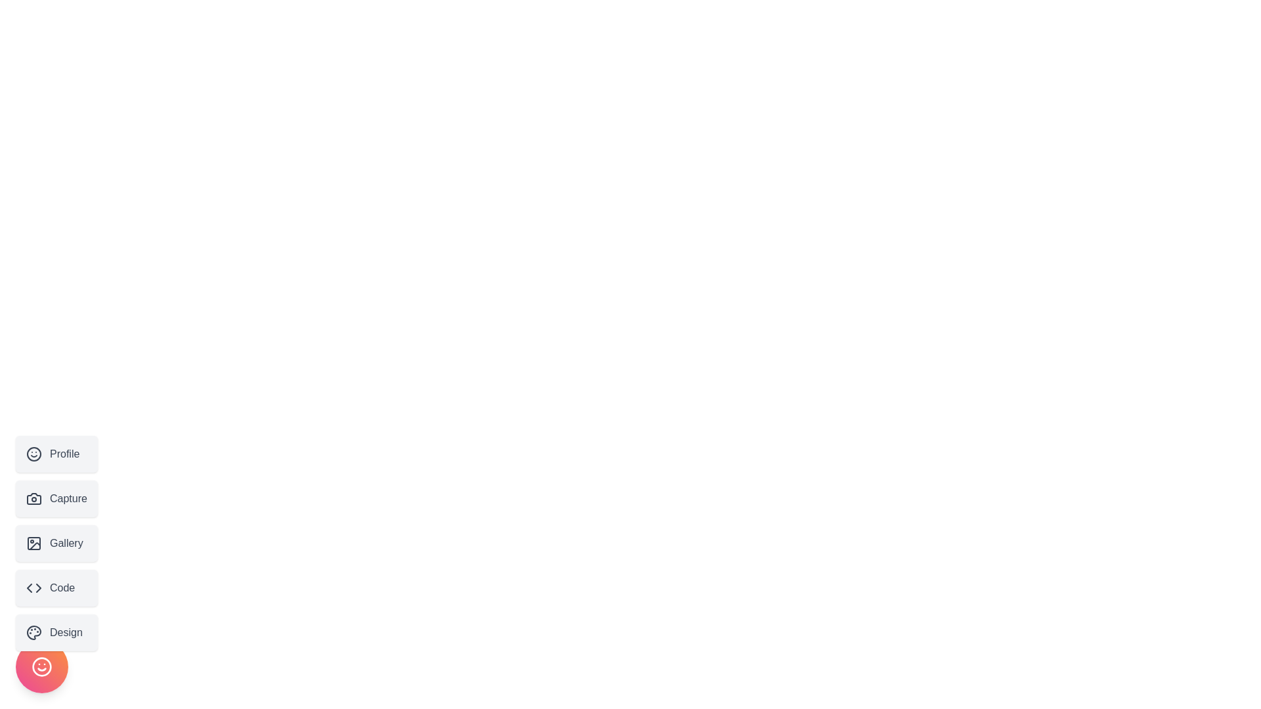  I want to click on the circular SVG element representing the smiley face icon at the bottom of the vertical sidebar menu, so click(41, 666).